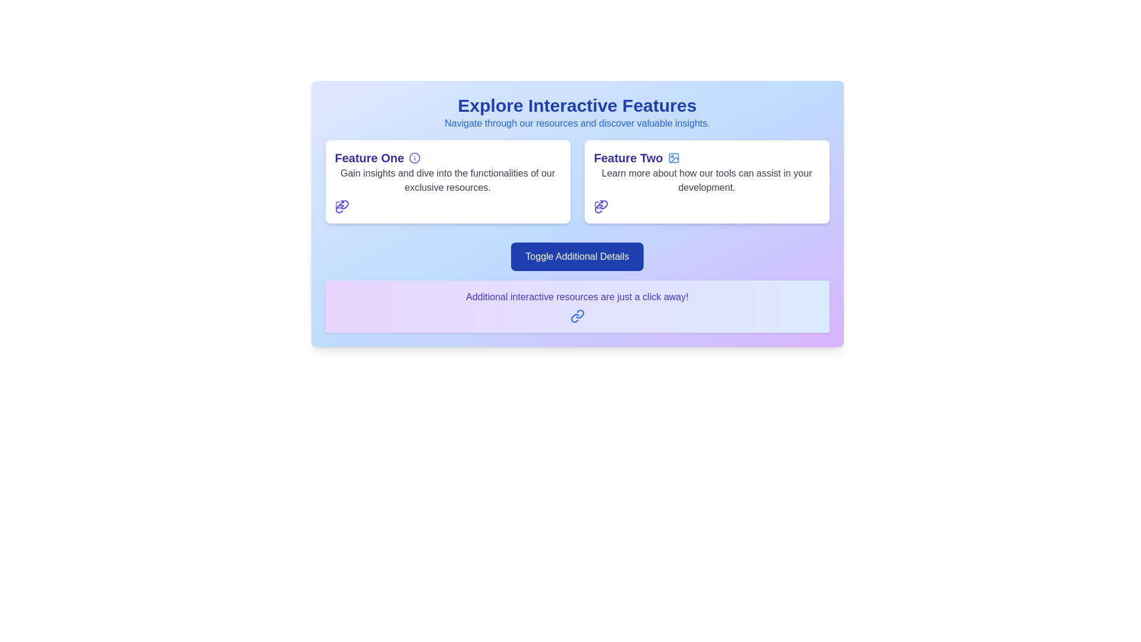 The image size is (1141, 642). Describe the element at coordinates (577, 297) in the screenshot. I see `the text label that describes additional resources, located above the hyperlink labeled 'Access More Resources'` at that location.